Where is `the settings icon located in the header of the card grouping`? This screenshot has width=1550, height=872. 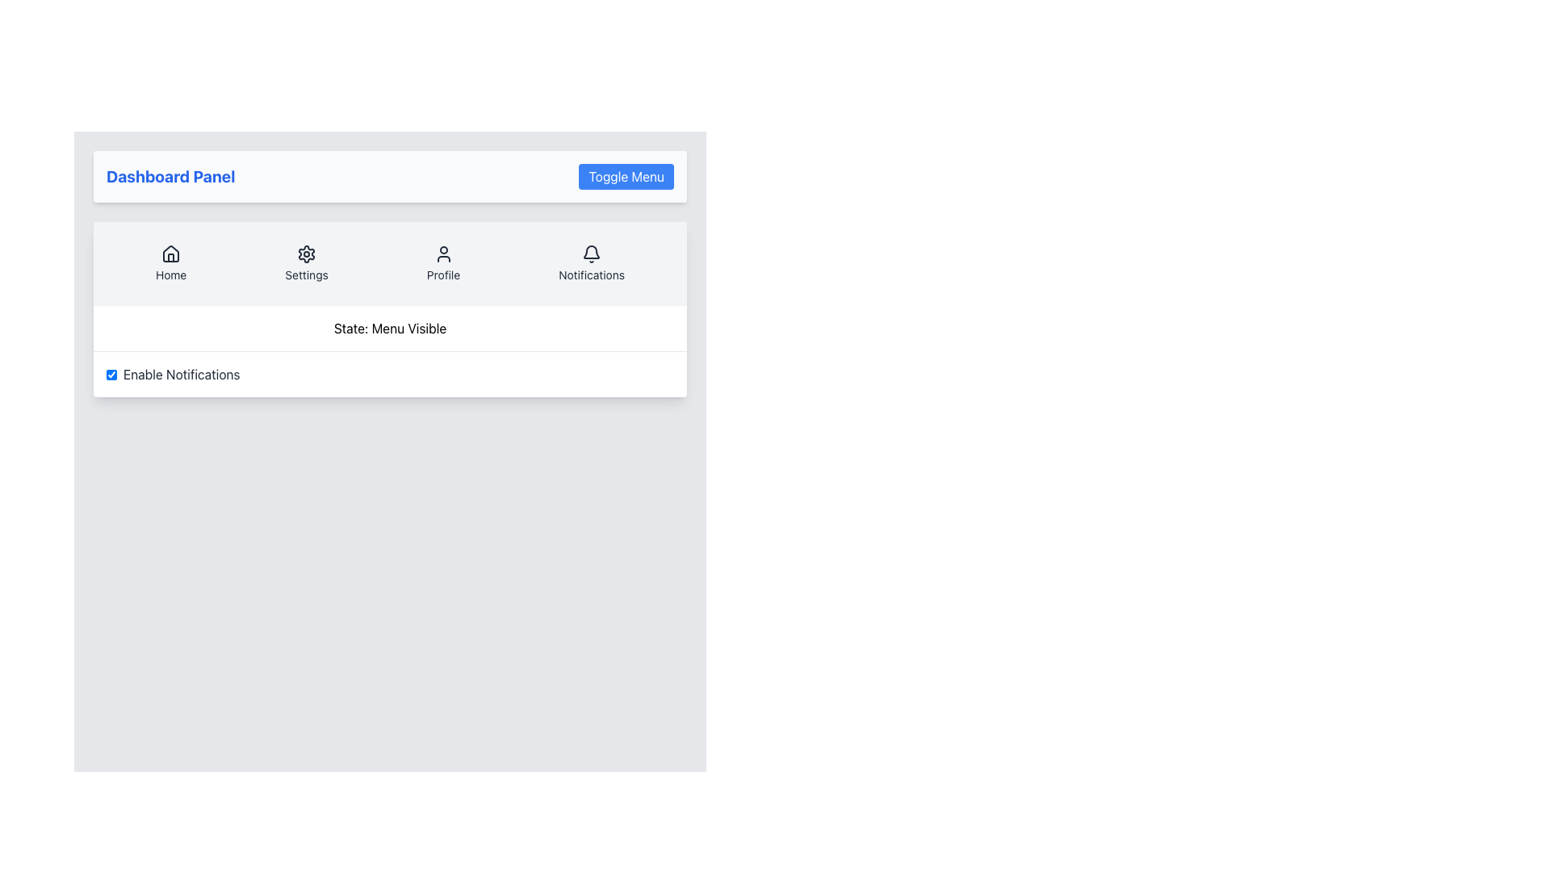
the settings icon located in the header of the card grouping is located at coordinates (307, 254).